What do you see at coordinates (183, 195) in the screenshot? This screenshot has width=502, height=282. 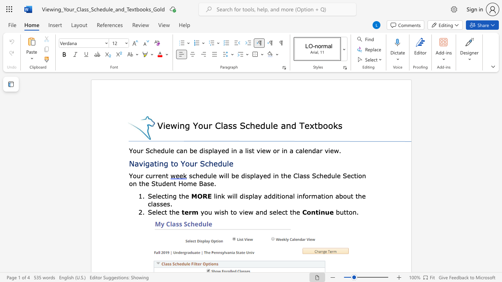 I see `the 1th character "h" in the text` at bounding box center [183, 195].